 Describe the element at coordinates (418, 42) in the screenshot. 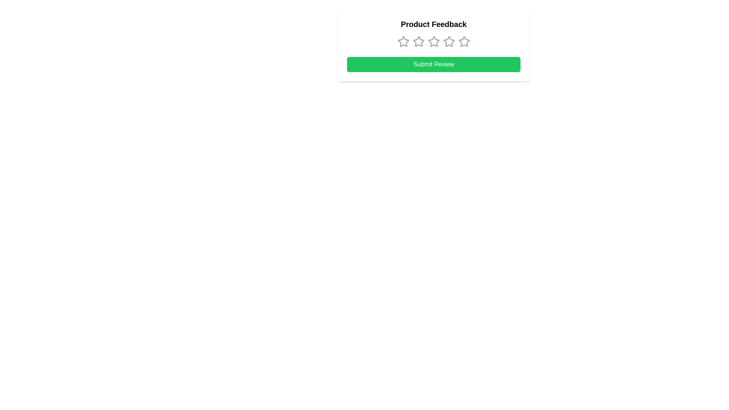

I see `the second star in the rating system` at that location.